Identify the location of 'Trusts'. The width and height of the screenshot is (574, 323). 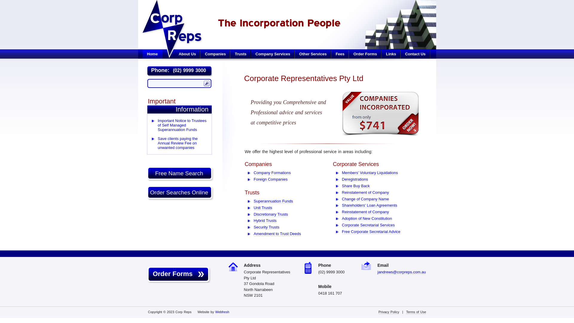
(240, 54).